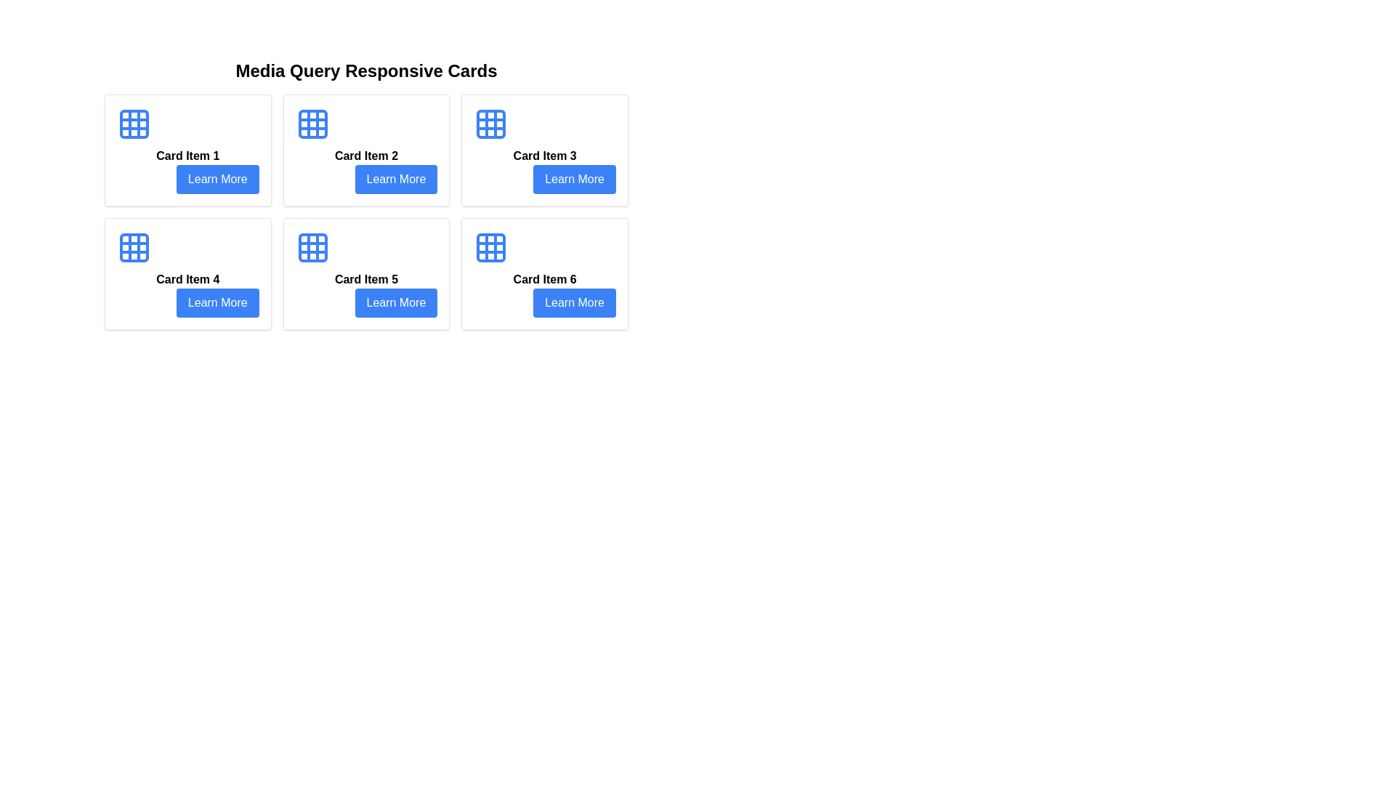 The height and width of the screenshot is (785, 1395). I want to click on text label that serves as a descriptive title for the second card in the six-card grid layout, positioned below the icon and above the button, horizontally centered within the card, so click(366, 156).